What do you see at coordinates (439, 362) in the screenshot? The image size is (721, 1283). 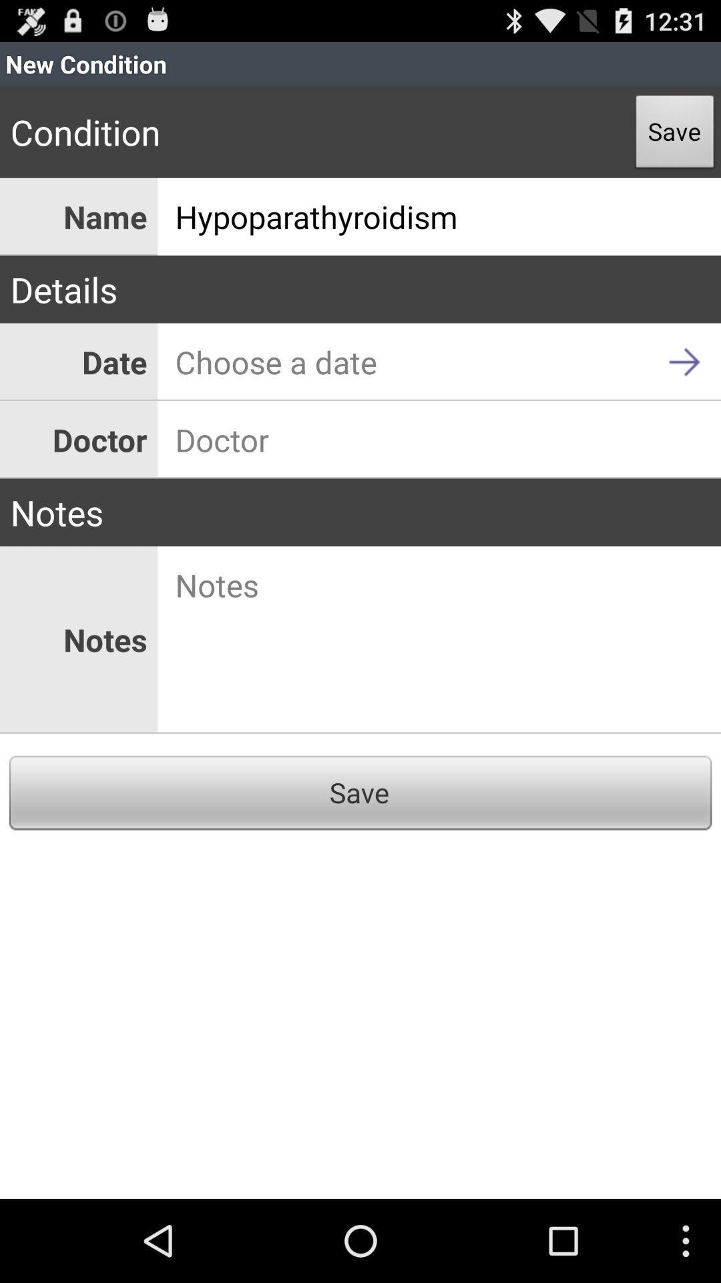 I see `the icon to the right of date icon` at bounding box center [439, 362].